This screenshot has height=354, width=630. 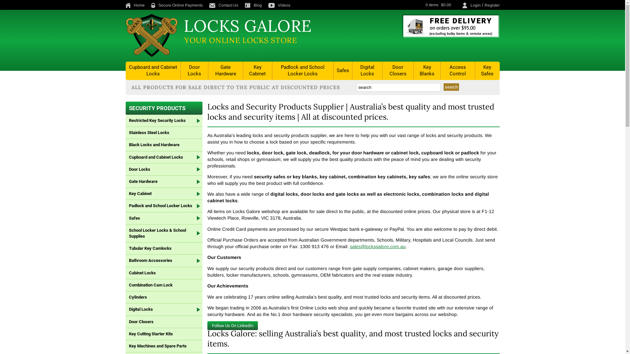 What do you see at coordinates (153, 70) in the screenshot?
I see `'Cupboard and Cabinet Locks'` at bounding box center [153, 70].